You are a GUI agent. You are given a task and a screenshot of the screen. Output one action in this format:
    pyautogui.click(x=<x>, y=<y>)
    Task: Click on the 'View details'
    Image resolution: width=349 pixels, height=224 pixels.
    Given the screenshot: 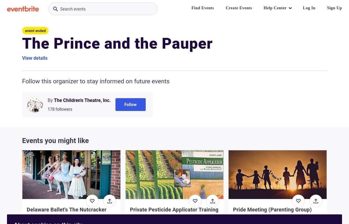 What is the action you would take?
    pyautogui.click(x=35, y=58)
    